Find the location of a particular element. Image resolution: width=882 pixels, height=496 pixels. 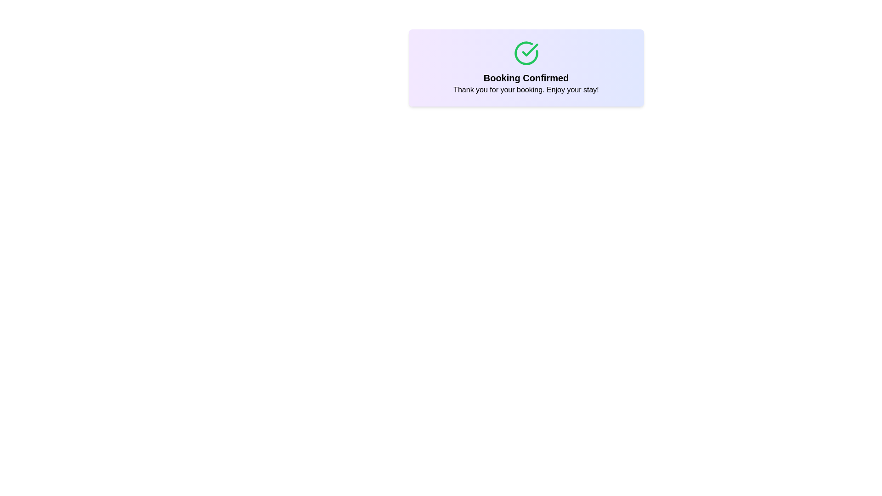

the green checkmark symbol embedded within a circular outline for visual confirmation is located at coordinates (530, 50).